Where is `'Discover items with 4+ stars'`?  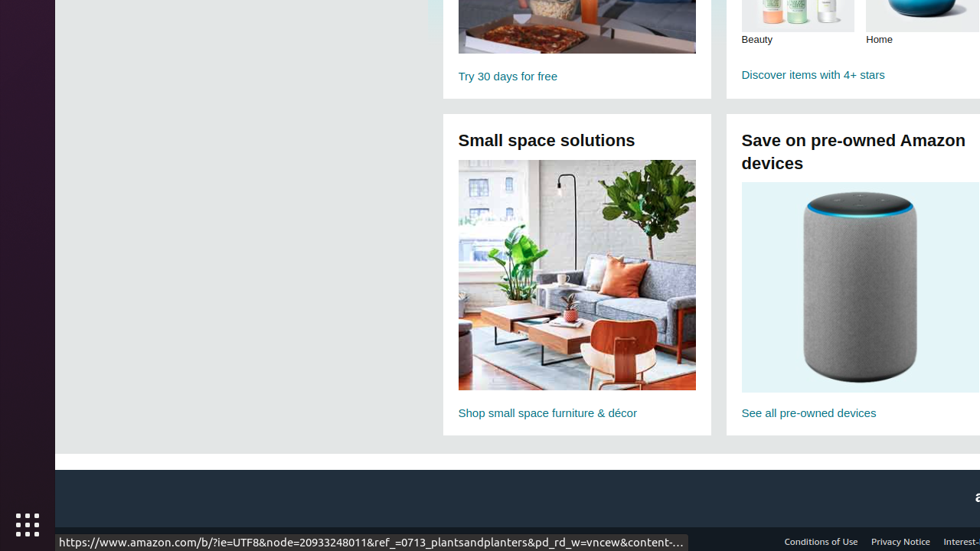
'Discover items with 4+ stars' is located at coordinates (860, 74).